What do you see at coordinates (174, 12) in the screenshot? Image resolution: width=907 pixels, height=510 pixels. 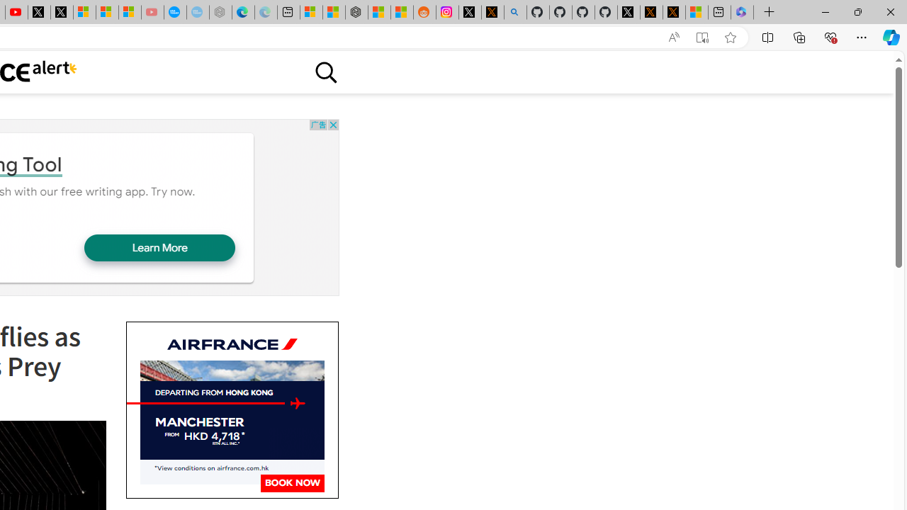 I see `'Opinion: Op-Ed and Commentary - USA TODAY'` at bounding box center [174, 12].